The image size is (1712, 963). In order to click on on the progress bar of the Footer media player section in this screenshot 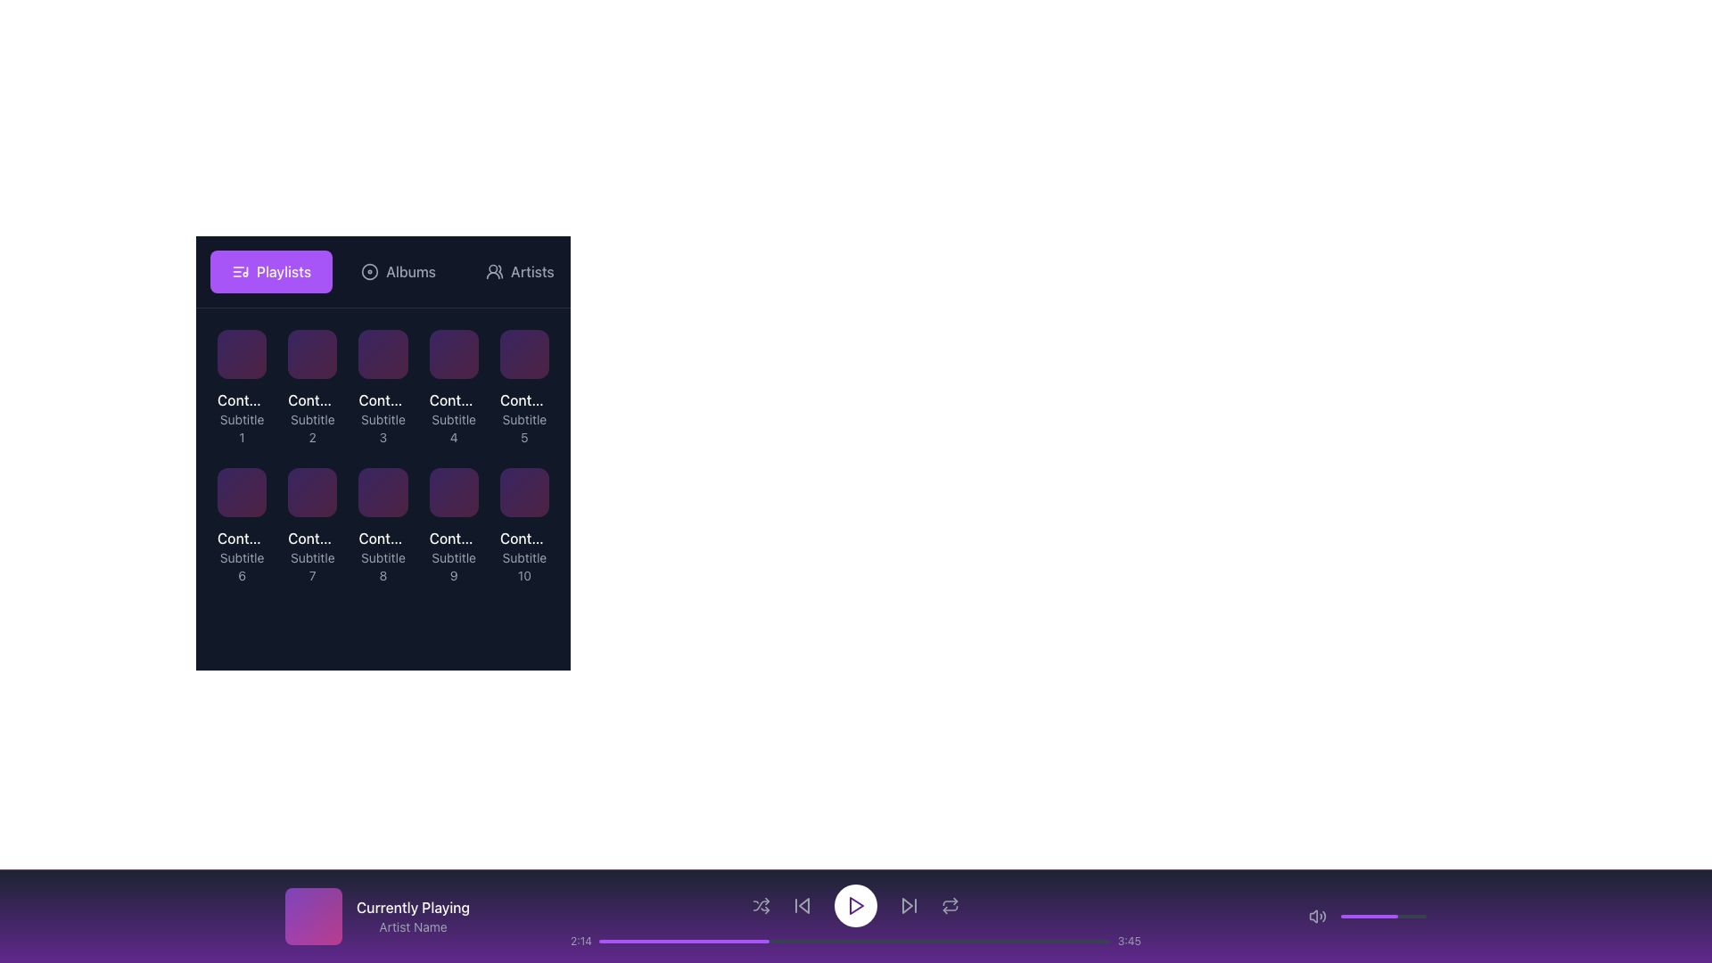, I will do `click(856, 917)`.